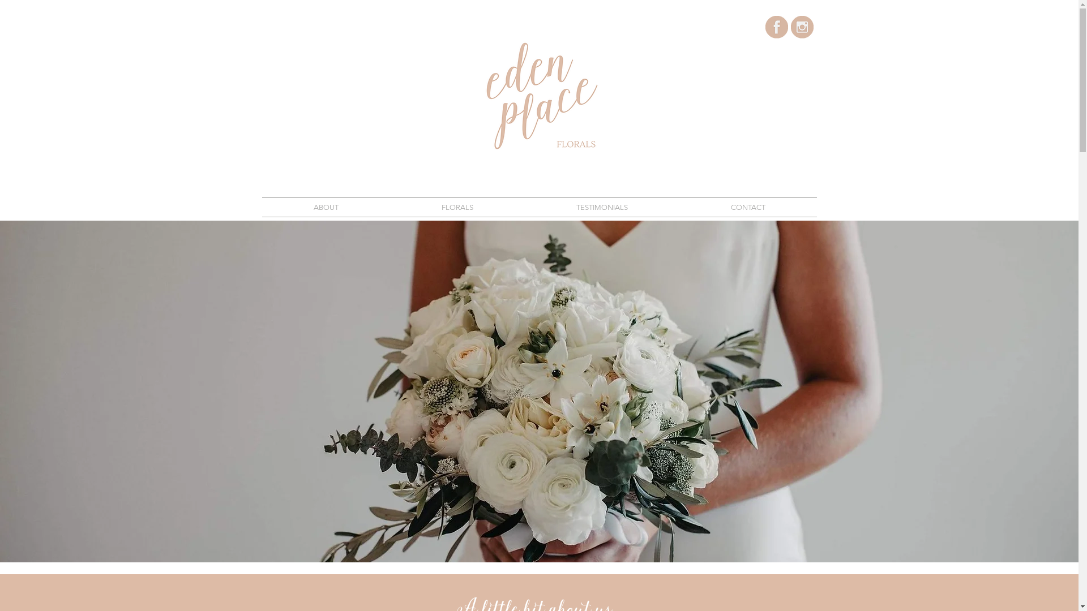  I want to click on 'insta-edenplace.png', so click(790, 26).